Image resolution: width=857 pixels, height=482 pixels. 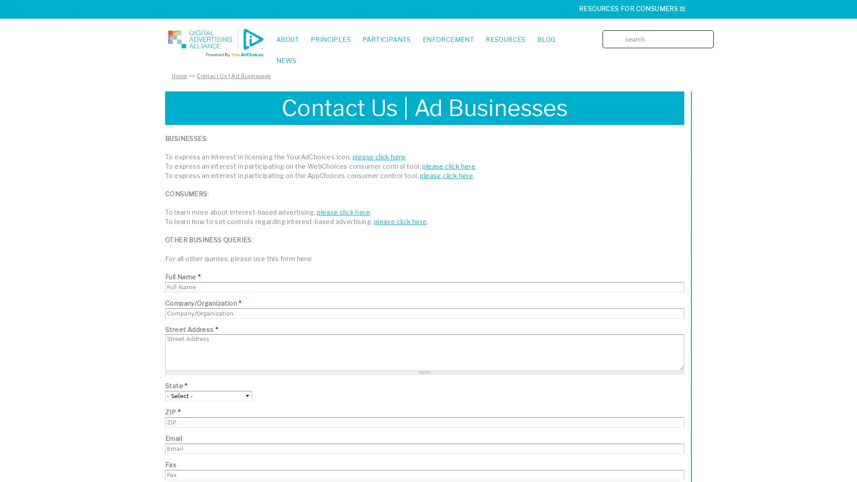 I want to click on Search, so click(x=709, y=32).